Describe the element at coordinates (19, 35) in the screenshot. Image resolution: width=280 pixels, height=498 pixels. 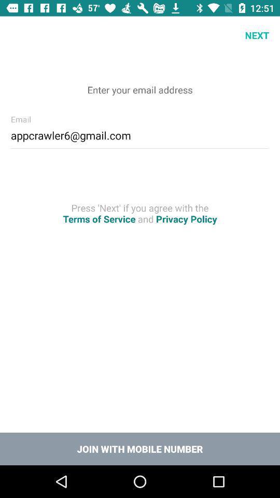
I see `item to the left of the next` at that location.